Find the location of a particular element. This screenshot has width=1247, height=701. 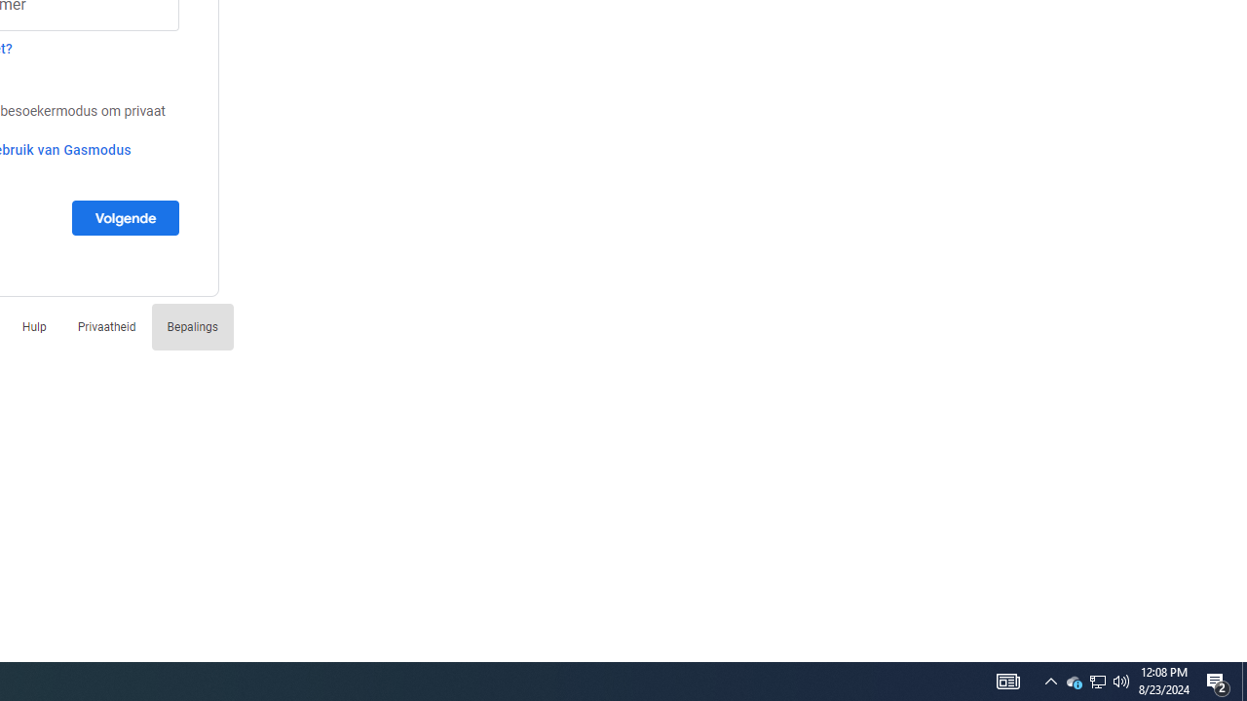

'Volgende' is located at coordinates (124, 217).